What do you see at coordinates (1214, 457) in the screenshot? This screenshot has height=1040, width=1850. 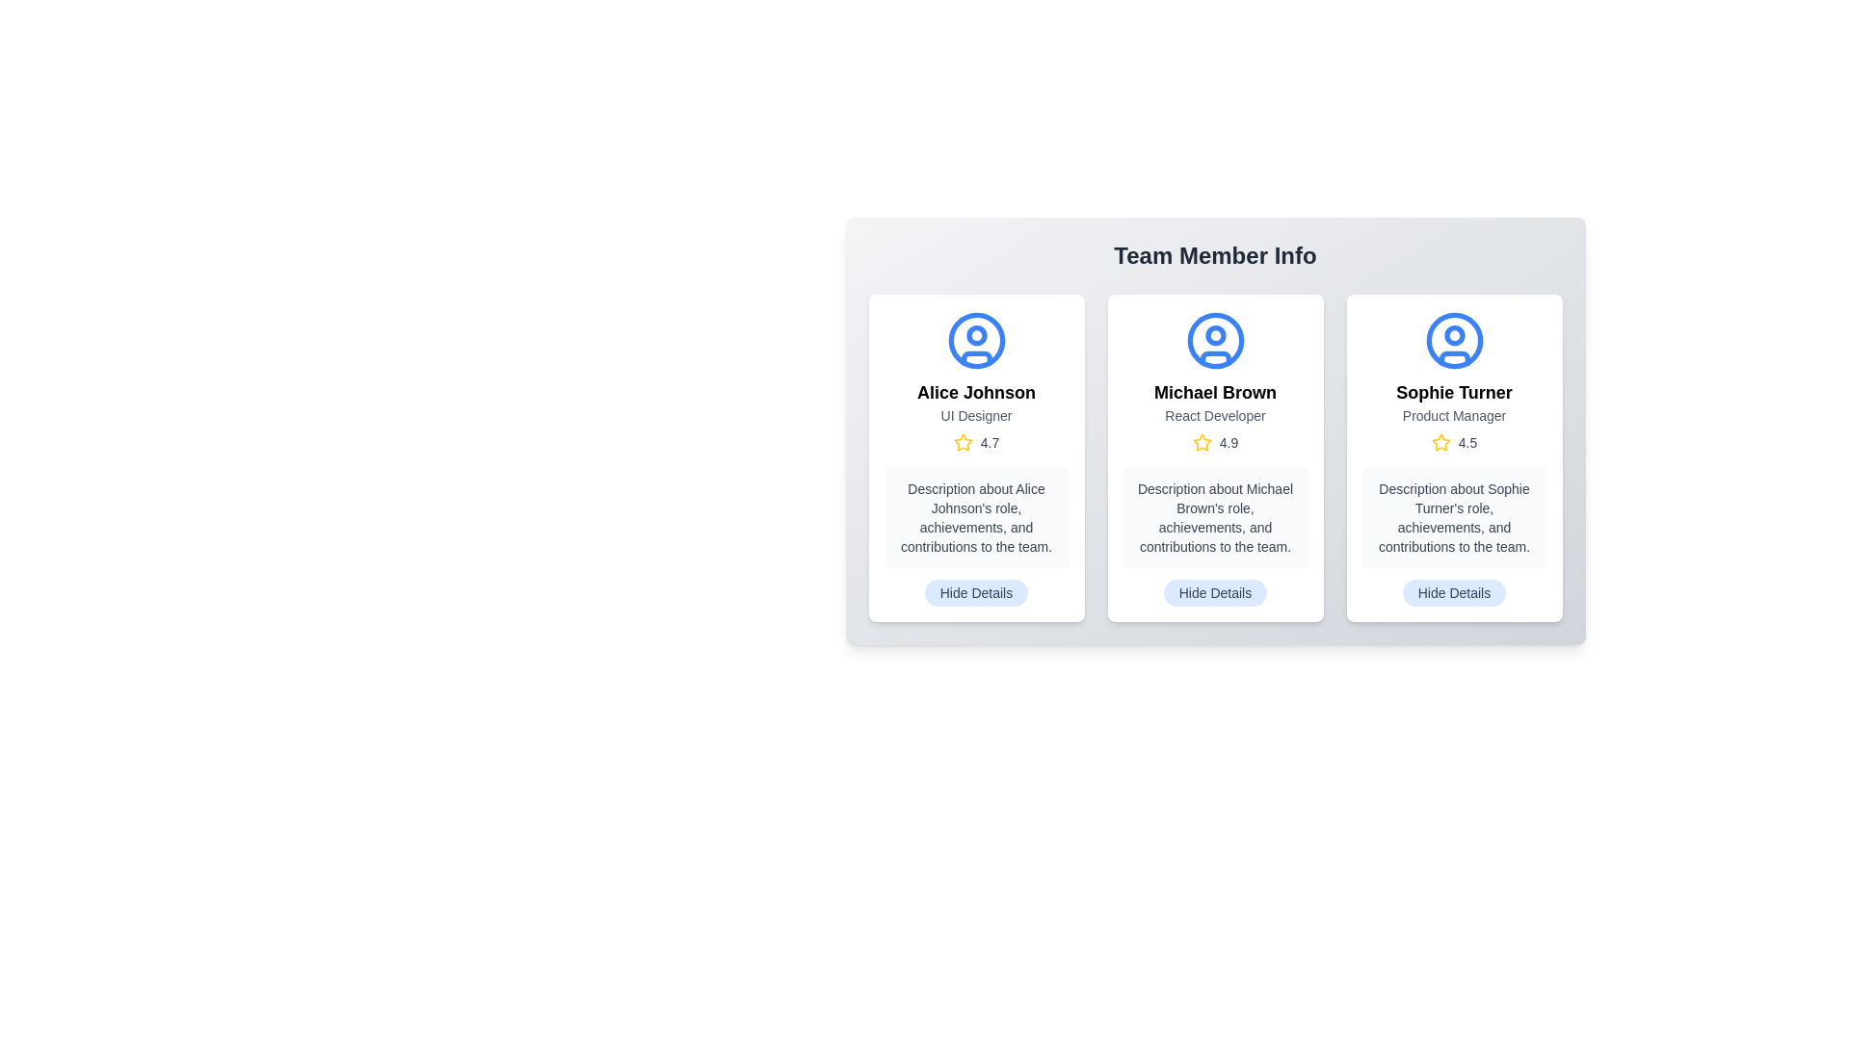 I see `the Profile Card displaying team member details, located in the middle of a grid layout` at bounding box center [1214, 457].